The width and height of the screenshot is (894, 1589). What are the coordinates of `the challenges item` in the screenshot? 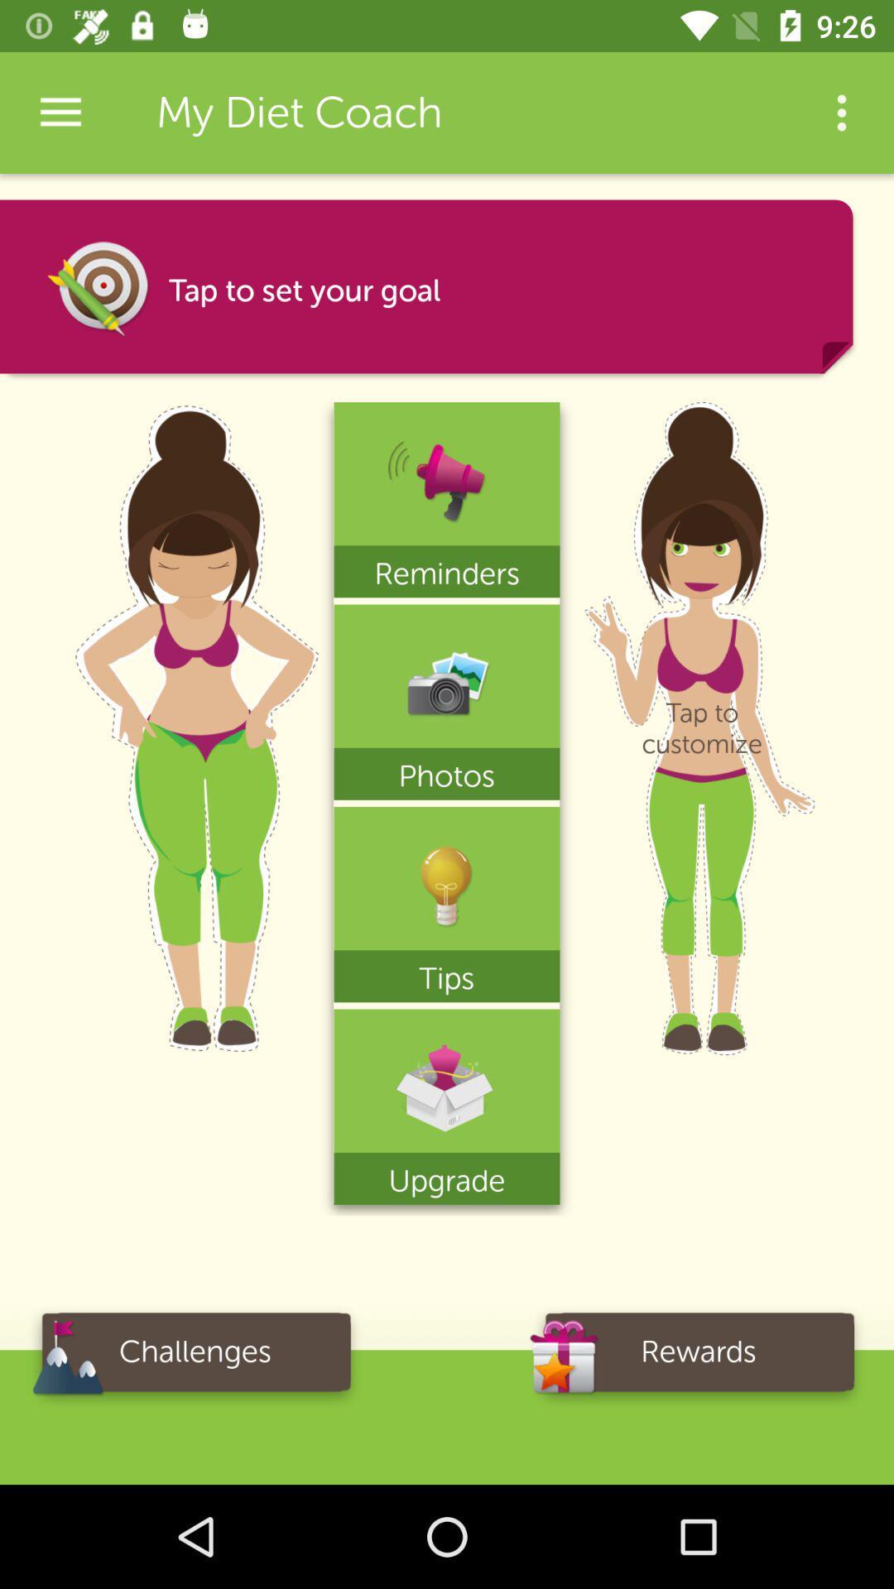 It's located at (194, 1357).